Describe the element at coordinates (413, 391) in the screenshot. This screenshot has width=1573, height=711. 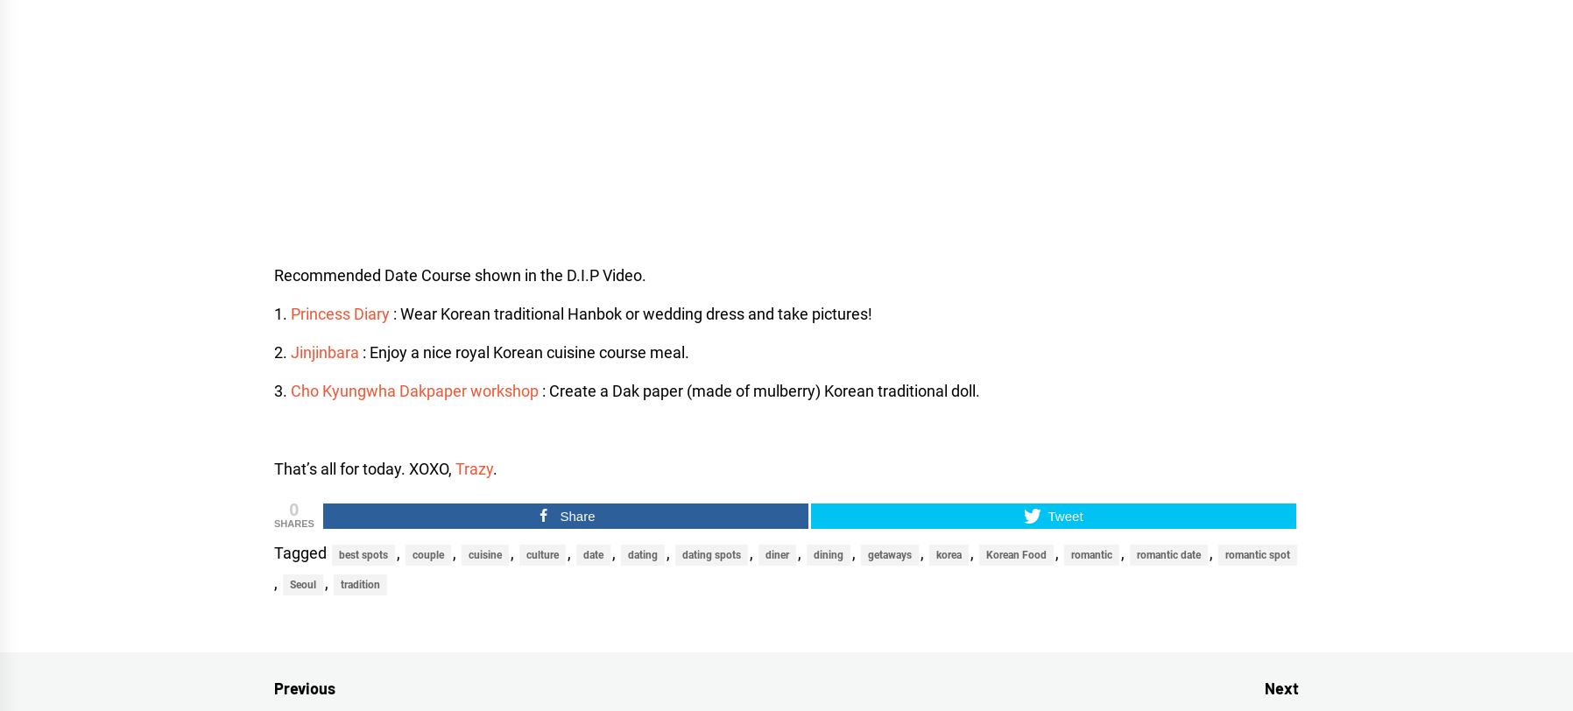
I see `'Cho Kyungwha Dakpaper workshop'` at that location.